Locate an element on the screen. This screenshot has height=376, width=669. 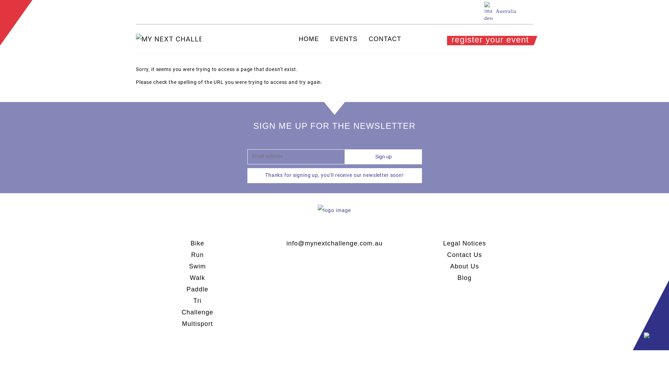
'Legal Notices' is located at coordinates (464, 243).